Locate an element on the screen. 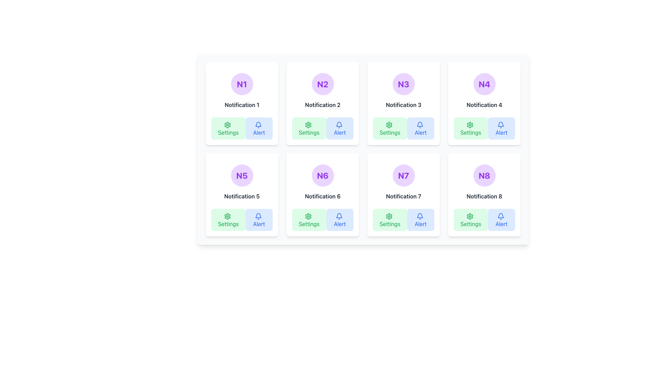  the 'Settings' icon located in the 'Notification 1' card is located at coordinates (228, 124).